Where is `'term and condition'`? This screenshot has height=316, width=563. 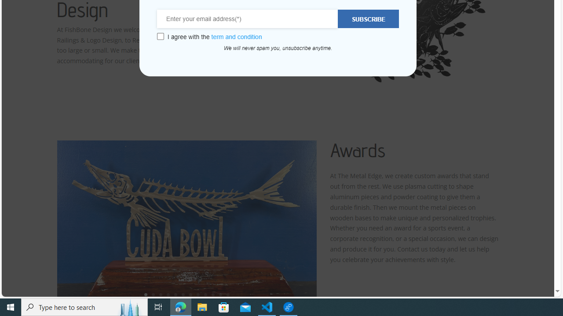
'term and condition' is located at coordinates (237, 36).